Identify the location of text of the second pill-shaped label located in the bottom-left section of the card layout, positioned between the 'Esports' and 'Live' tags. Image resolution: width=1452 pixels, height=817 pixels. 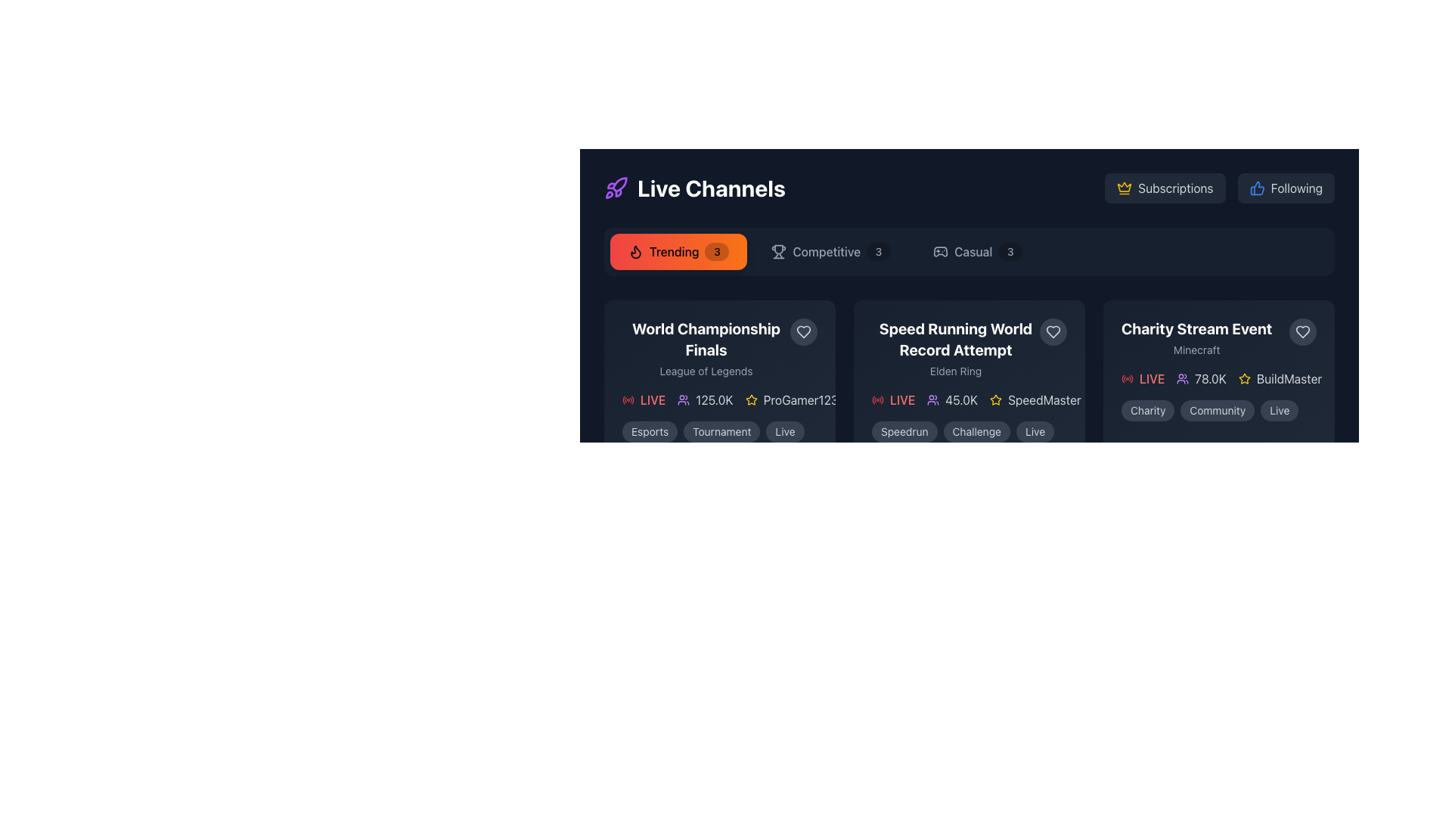
(721, 431).